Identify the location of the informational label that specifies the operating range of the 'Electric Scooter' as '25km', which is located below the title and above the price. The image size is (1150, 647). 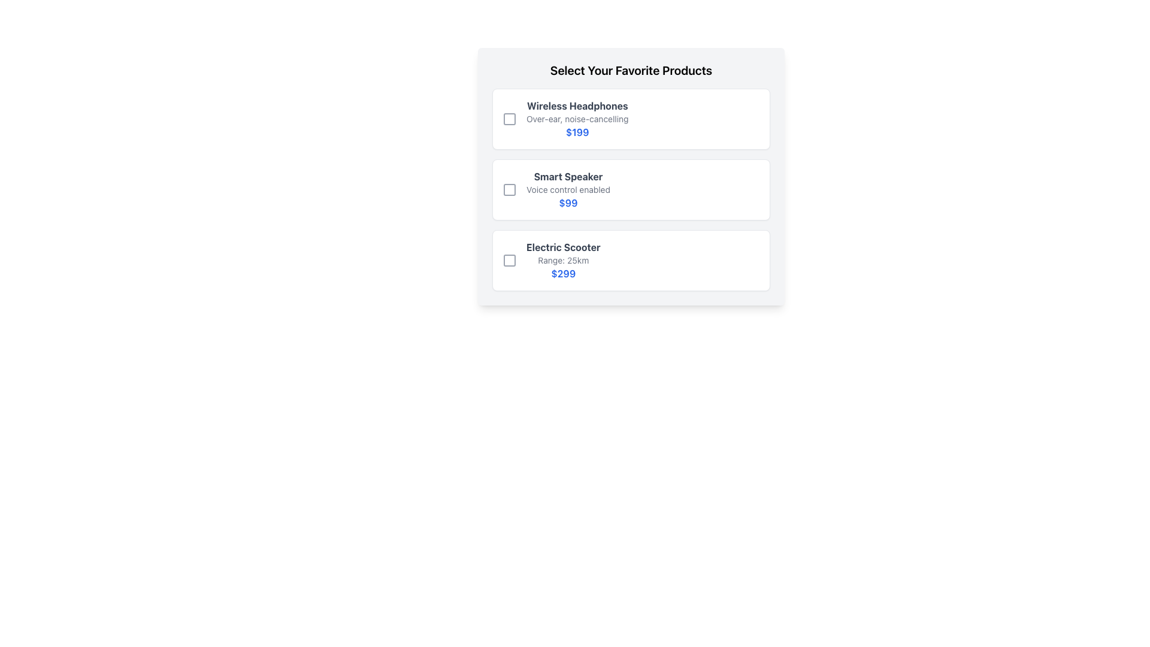
(562, 260).